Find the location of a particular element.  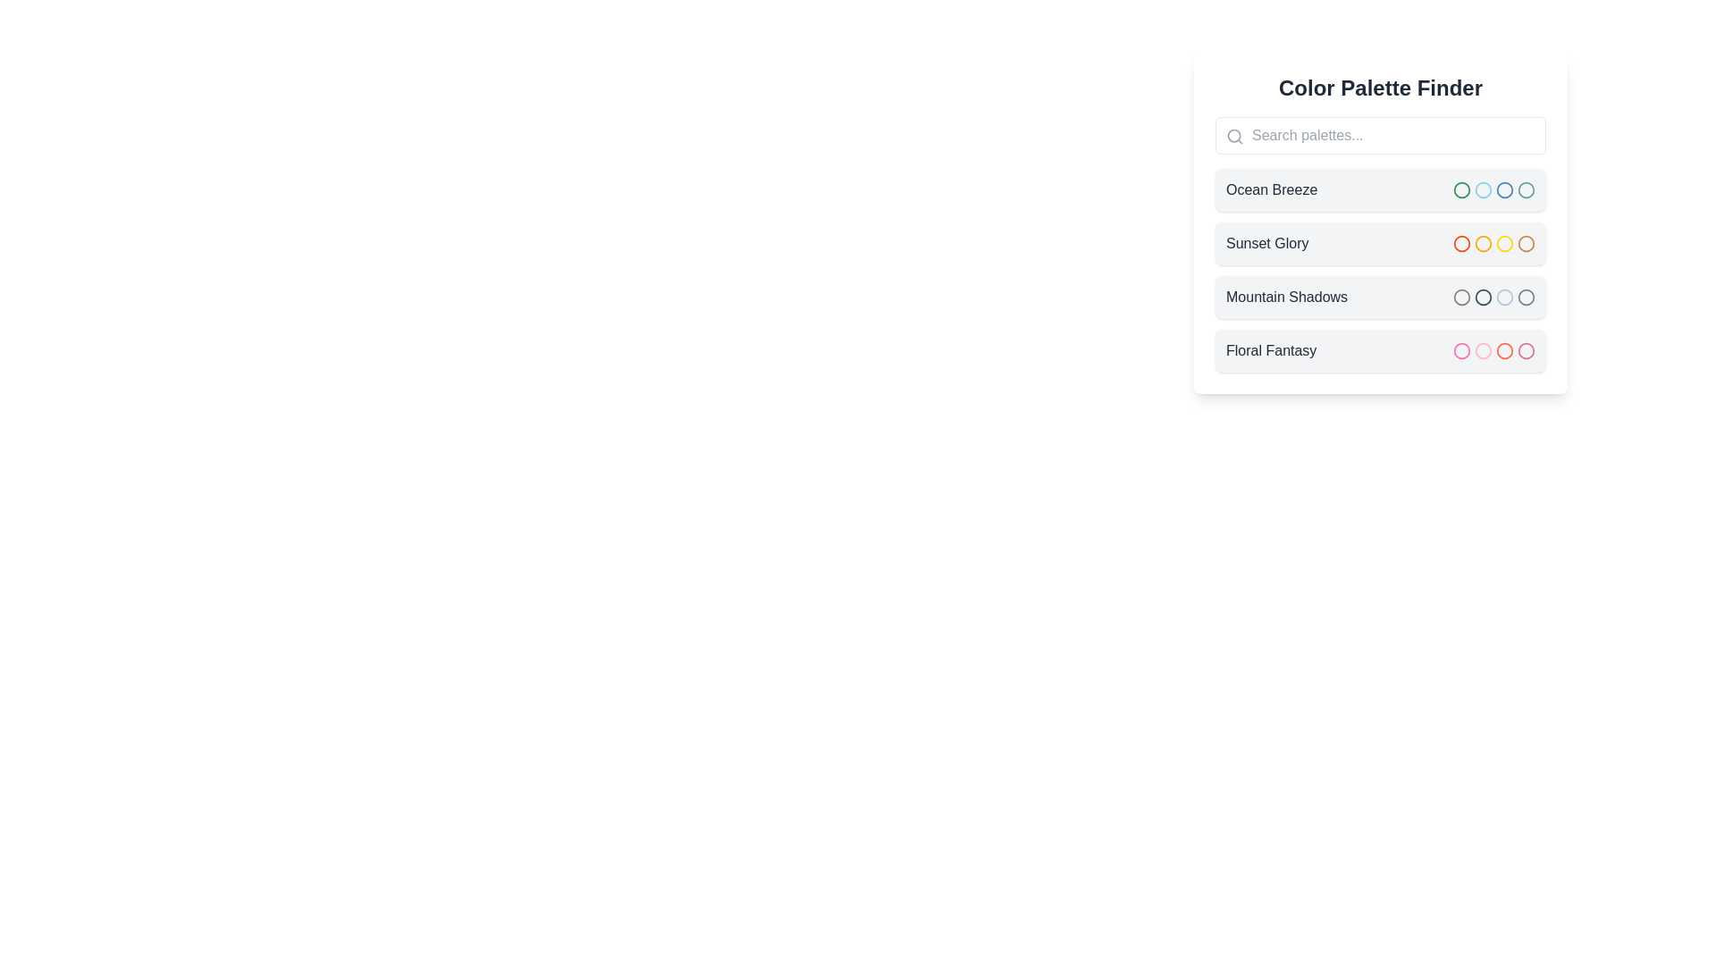

the first circular icon with a hot pink stroke representing the 'Floral Fantasy' color palette is located at coordinates (1462, 351).